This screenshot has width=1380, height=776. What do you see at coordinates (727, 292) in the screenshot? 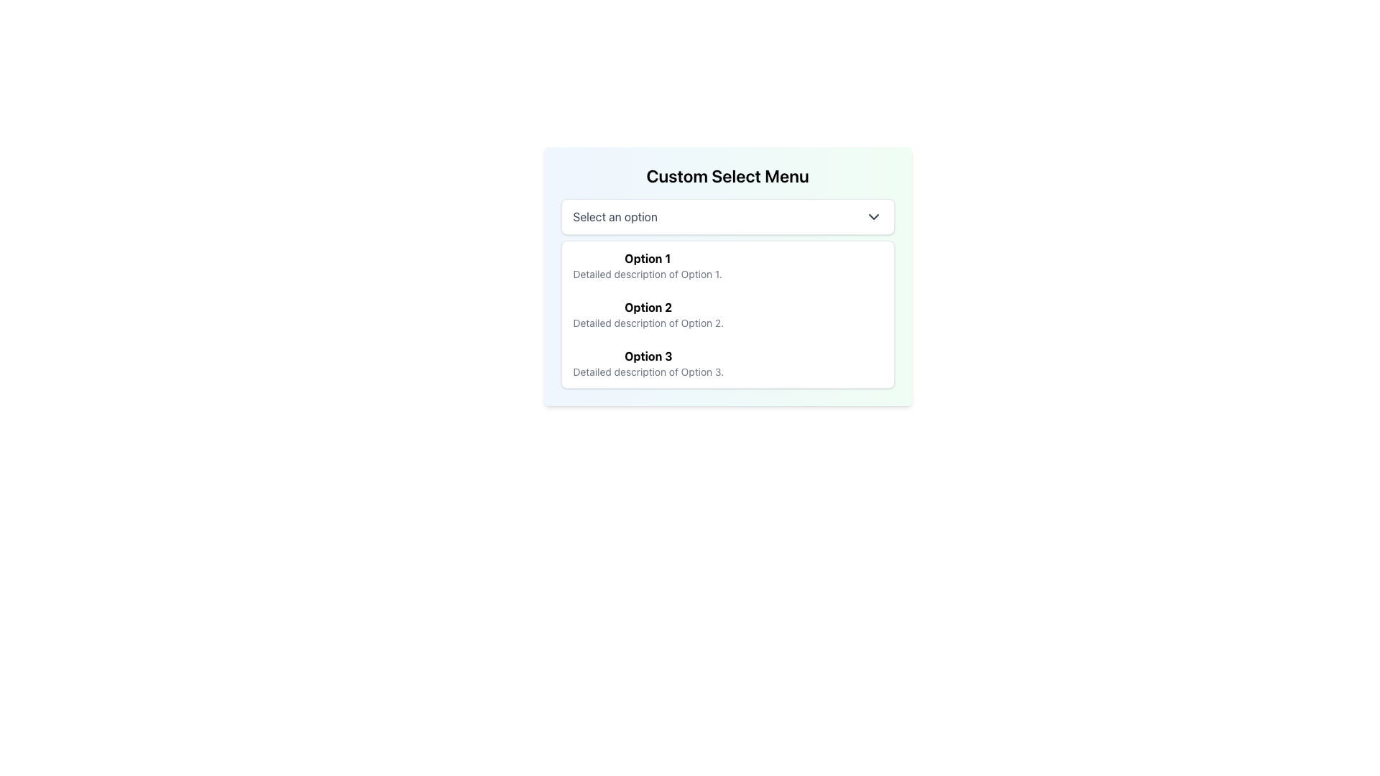
I see `to select the dropdown menu option labeled 'Option 2' with a description below it` at bounding box center [727, 292].